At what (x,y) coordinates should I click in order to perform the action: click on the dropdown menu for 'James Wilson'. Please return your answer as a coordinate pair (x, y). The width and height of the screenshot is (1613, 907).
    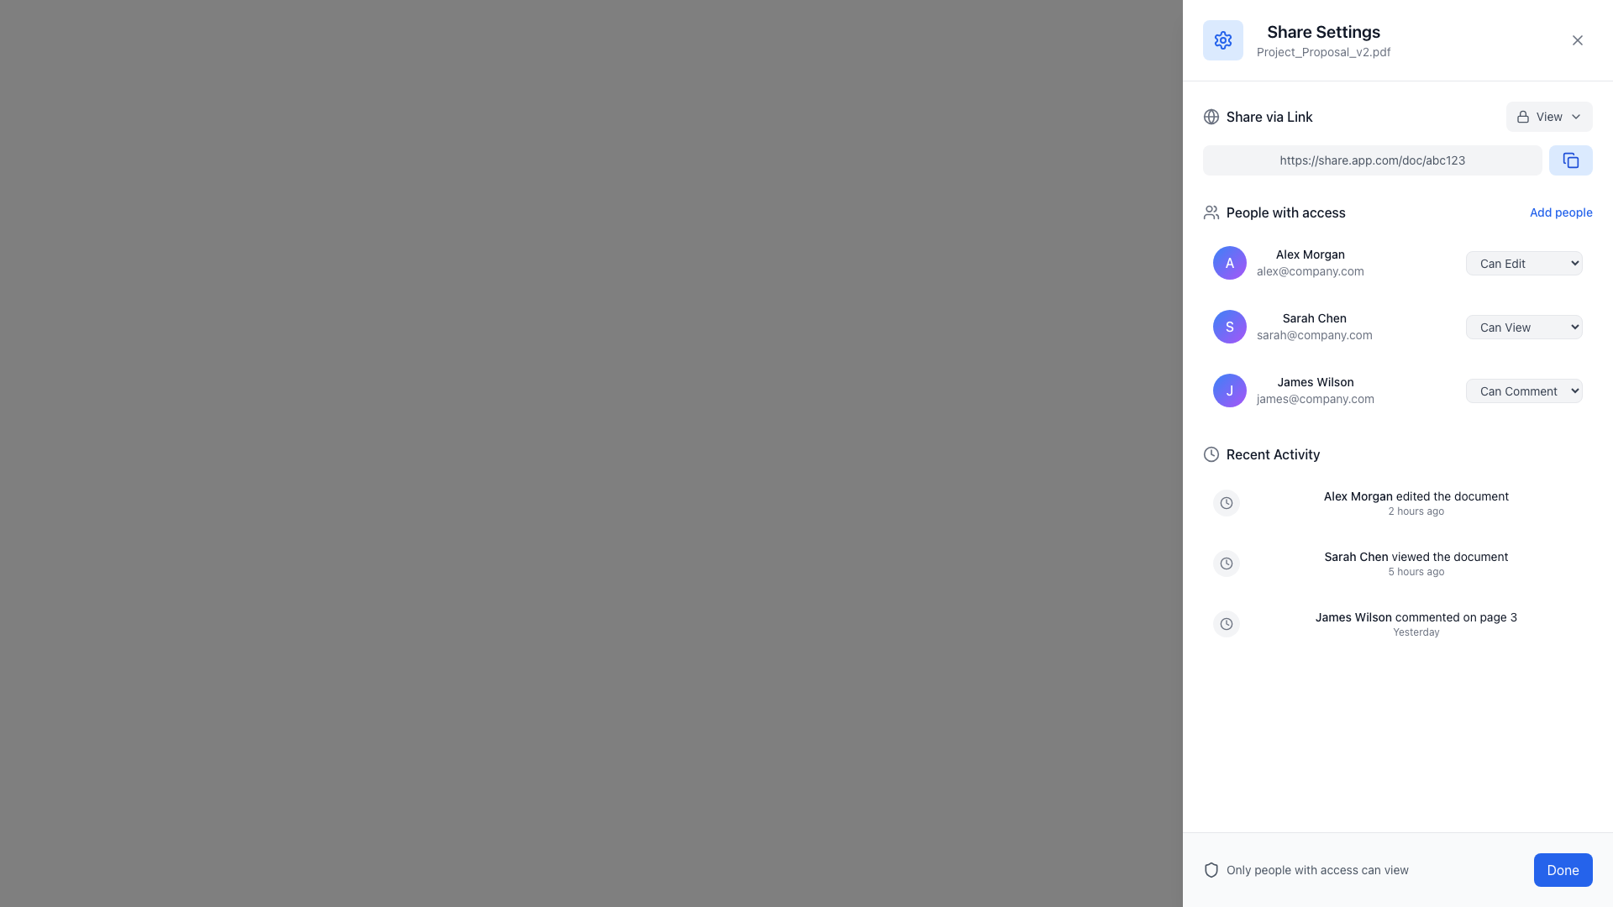
    Looking at the image, I should click on (1524, 391).